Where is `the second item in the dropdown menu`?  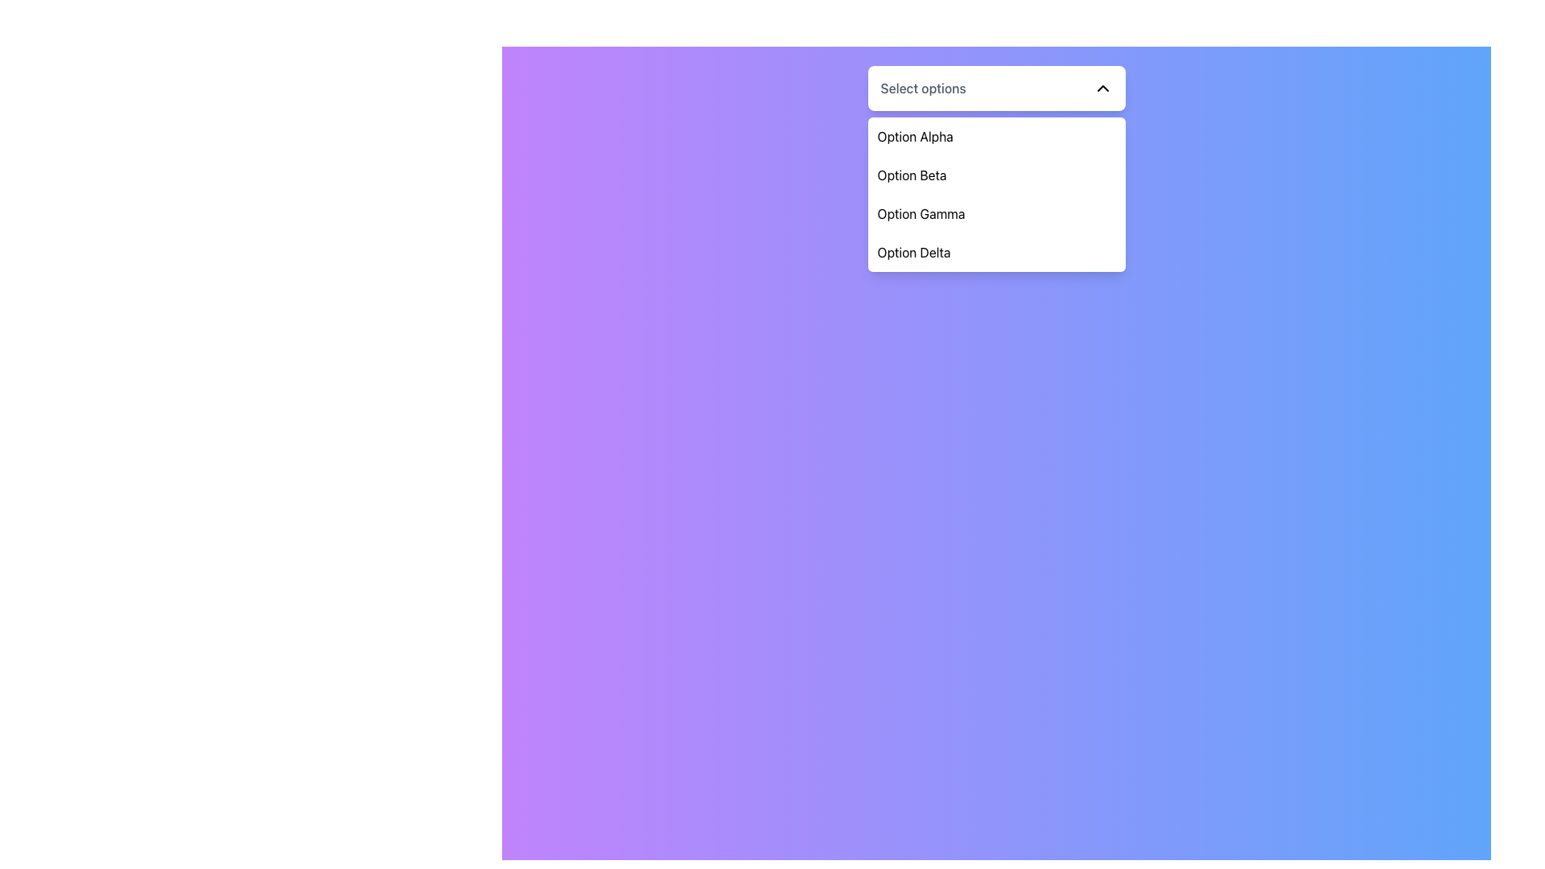
the second item in the dropdown menu is located at coordinates (995, 175).